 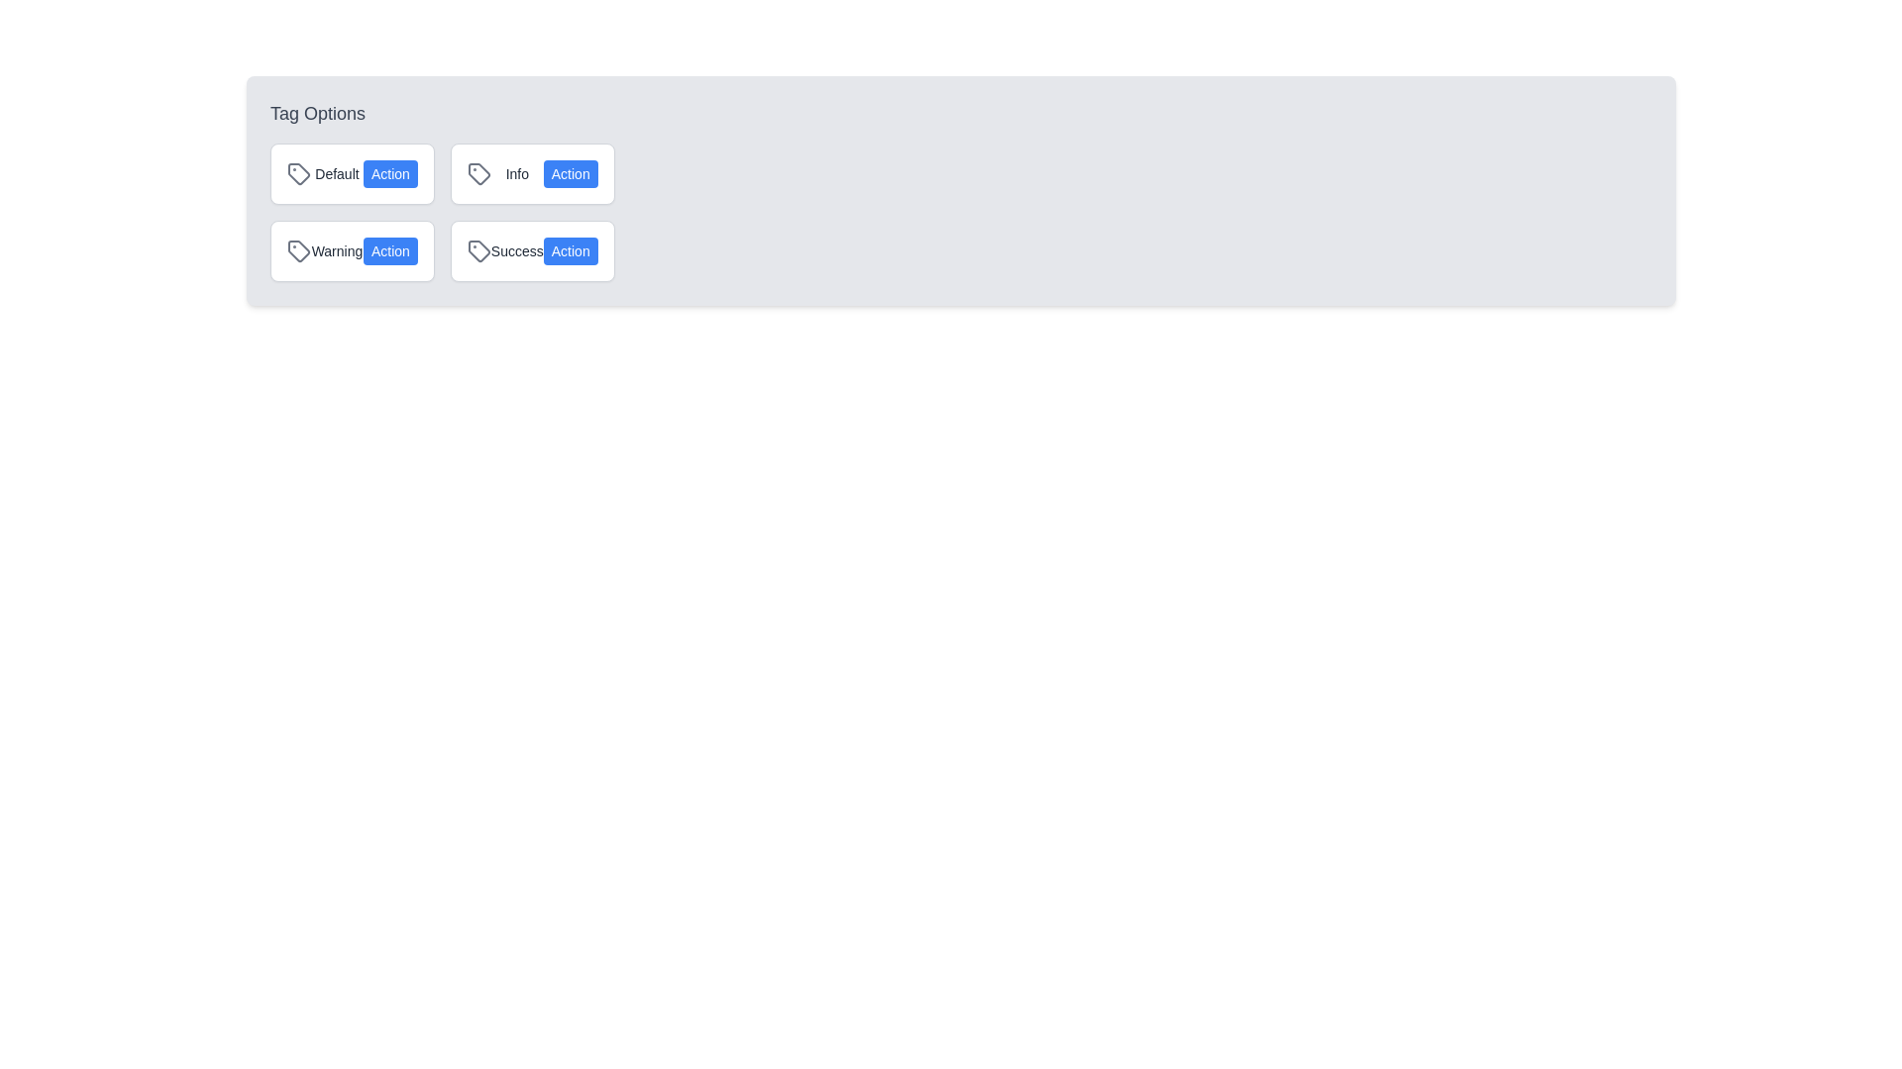 I want to click on gray tag icon located in the lower-left quadrant of the grid, positioned to the left of the 'Warning' label, as part of the 'Warning Action' group, so click(x=298, y=250).